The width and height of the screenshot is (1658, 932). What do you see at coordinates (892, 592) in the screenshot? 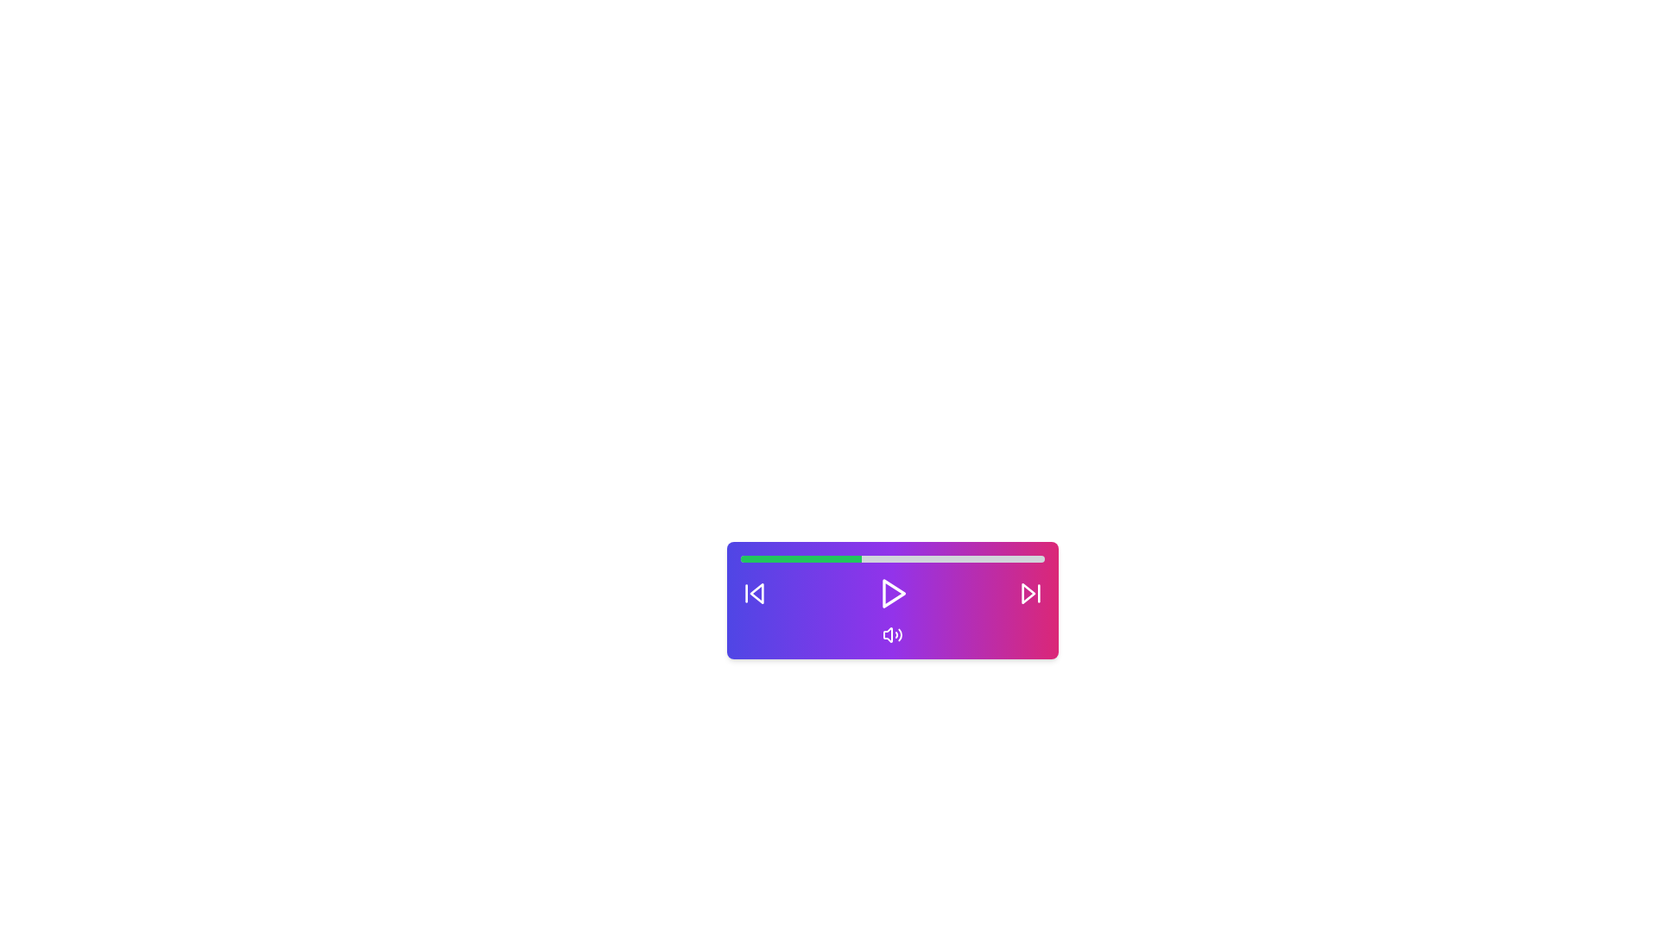
I see `the play button to toggle playback` at bounding box center [892, 592].